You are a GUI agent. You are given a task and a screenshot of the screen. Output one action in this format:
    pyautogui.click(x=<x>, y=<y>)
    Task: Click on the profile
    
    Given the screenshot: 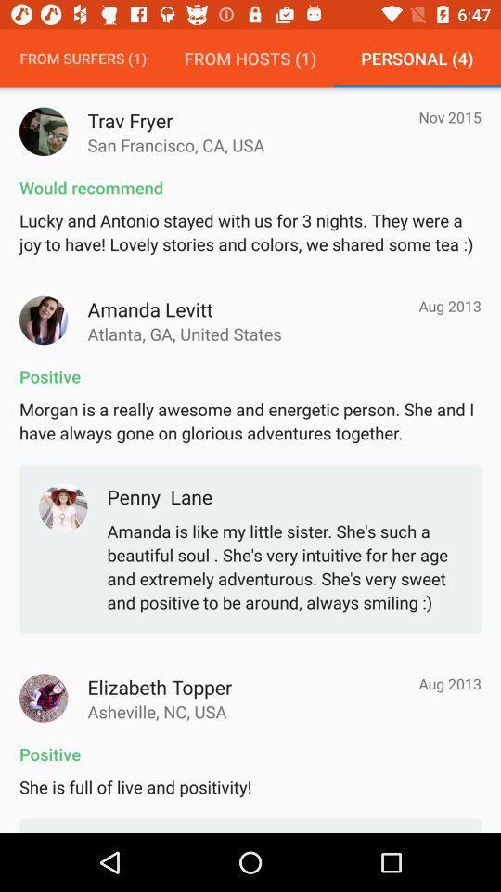 What is the action you would take?
    pyautogui.click(x=44, y=130)
    